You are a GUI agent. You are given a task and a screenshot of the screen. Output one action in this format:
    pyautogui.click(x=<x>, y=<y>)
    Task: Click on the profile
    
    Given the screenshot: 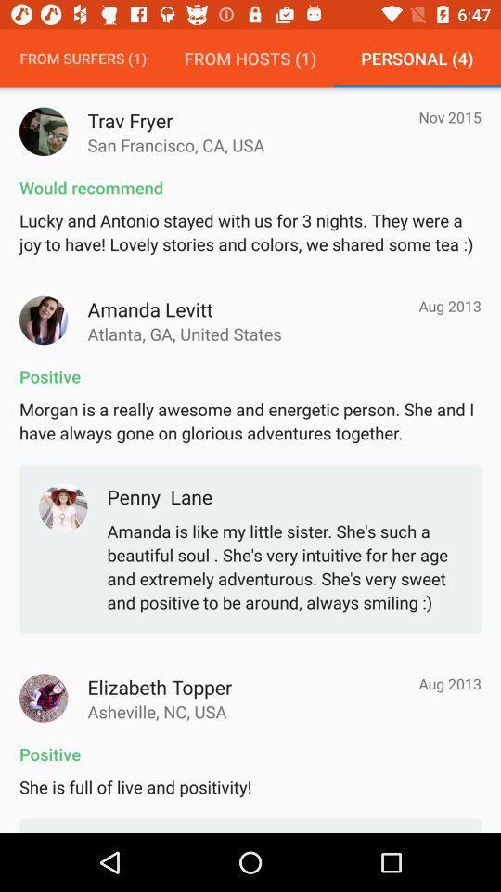 What is the action you would take?
    pyautogui.click(x=44, y=130)
    